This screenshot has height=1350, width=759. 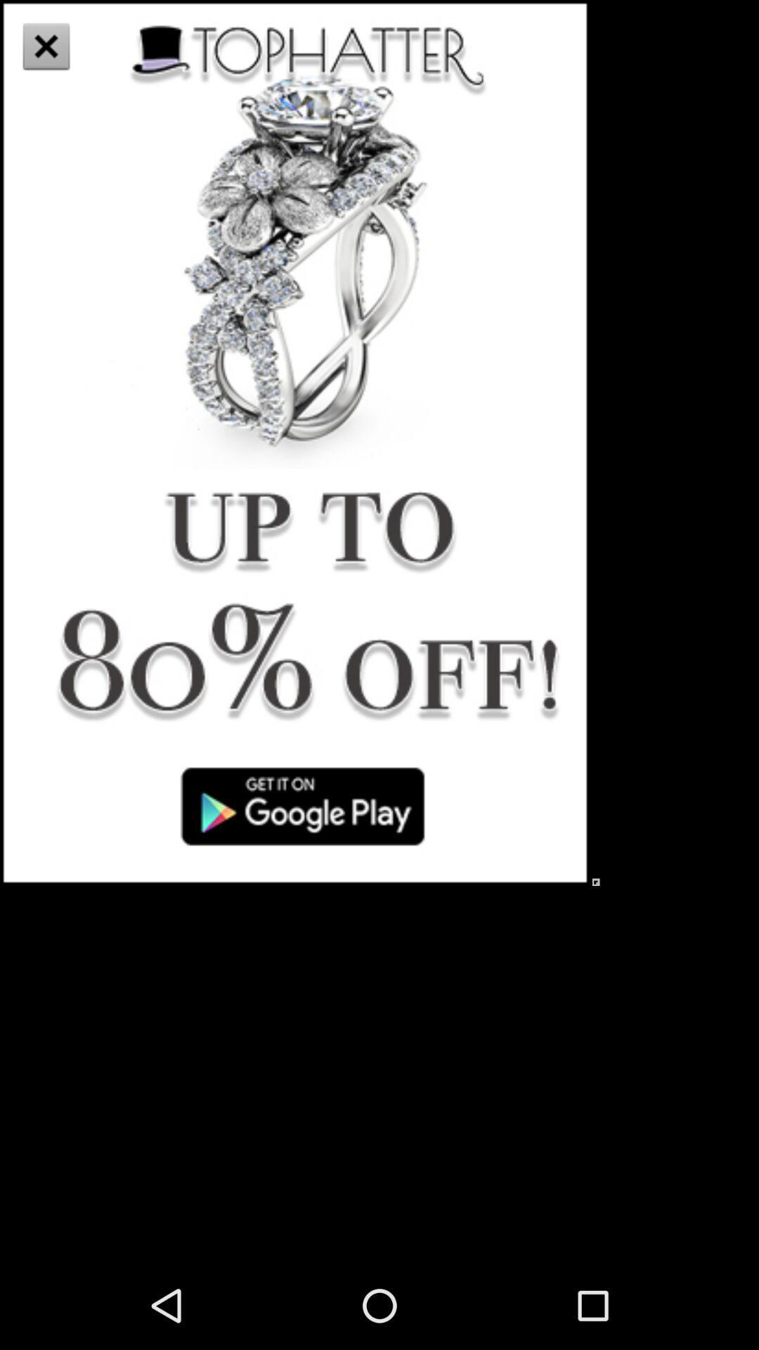 What do you see at coordinates (45, 49) in the screenshot?
I see `the close icon` at bounding box center [45, 49].